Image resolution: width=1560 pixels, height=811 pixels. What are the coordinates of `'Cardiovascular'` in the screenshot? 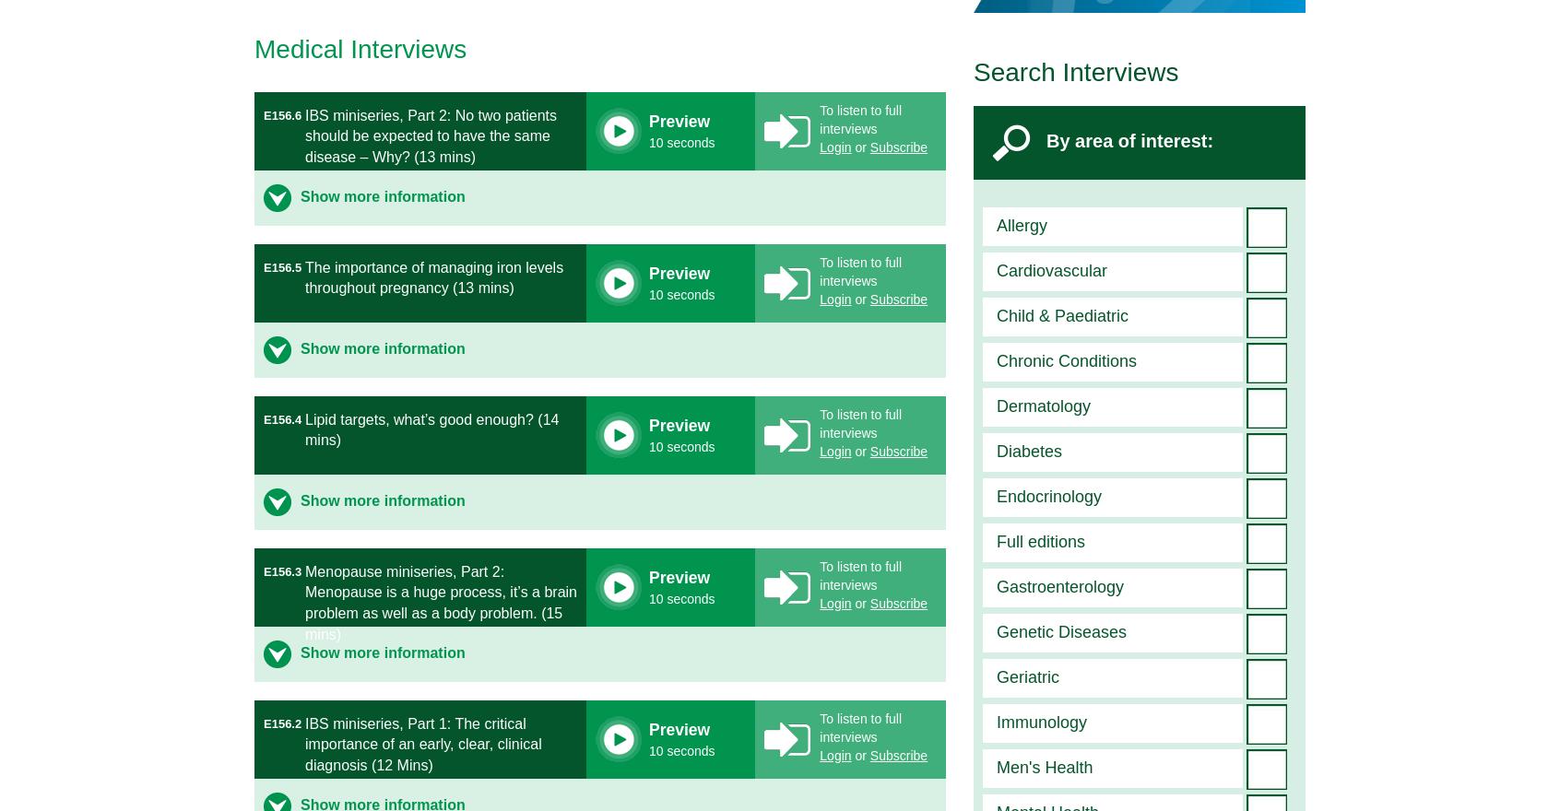 It's located at (1050, 270).